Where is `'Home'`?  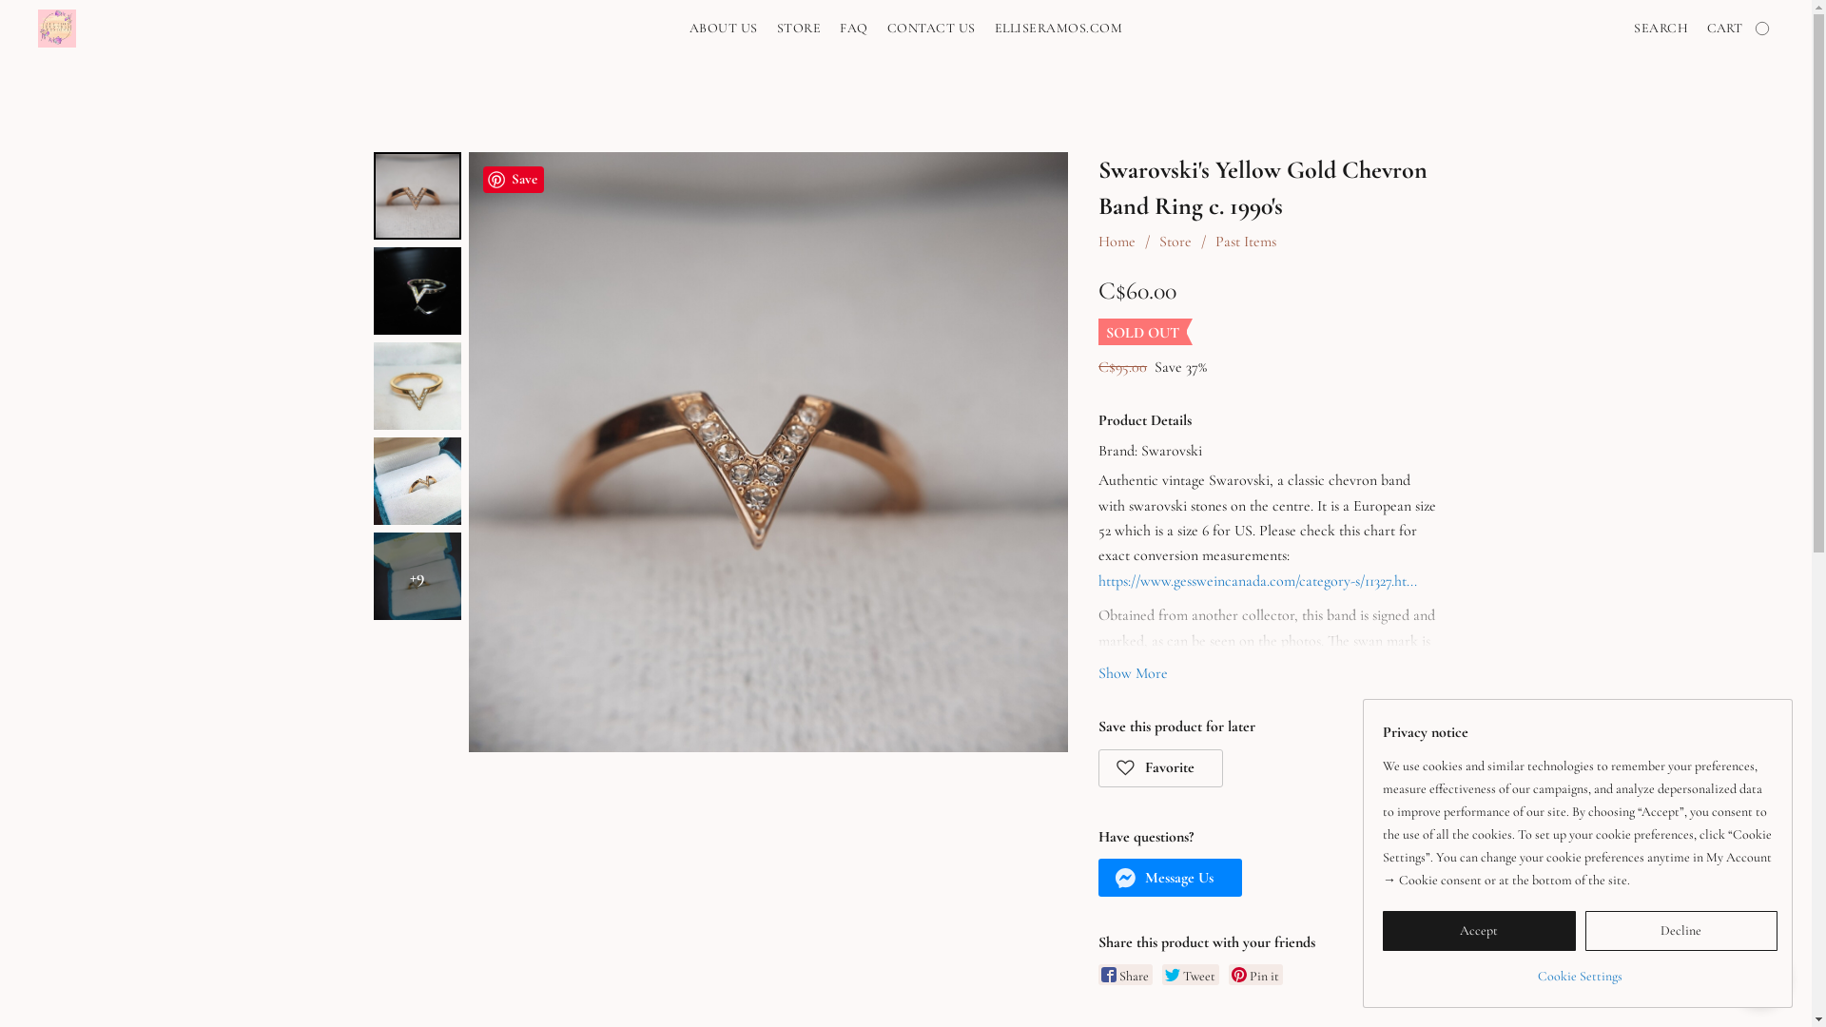 'Home' is located at coordinates (1117, 241).